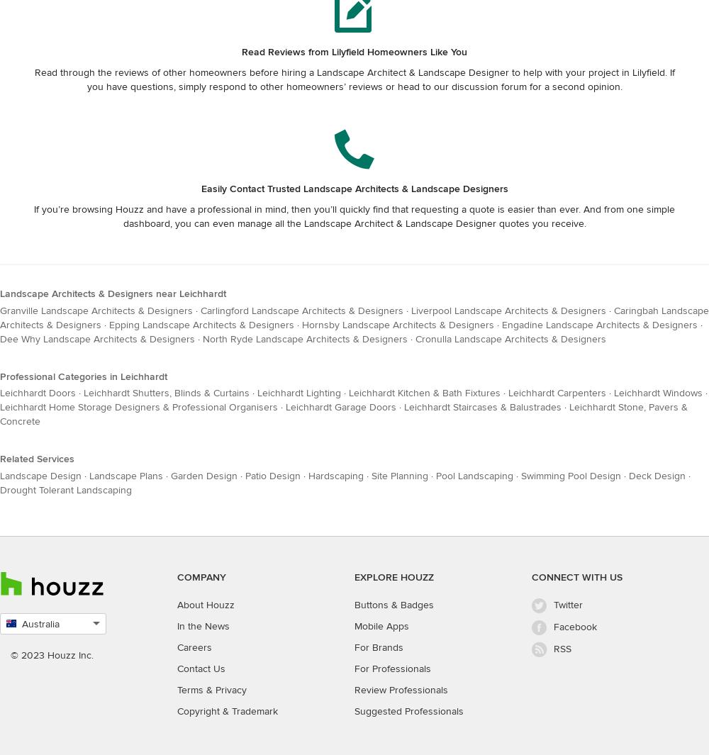 The height and width of the screenshot is (755, 709). I want to click on 'Australia', so click(40, 624).